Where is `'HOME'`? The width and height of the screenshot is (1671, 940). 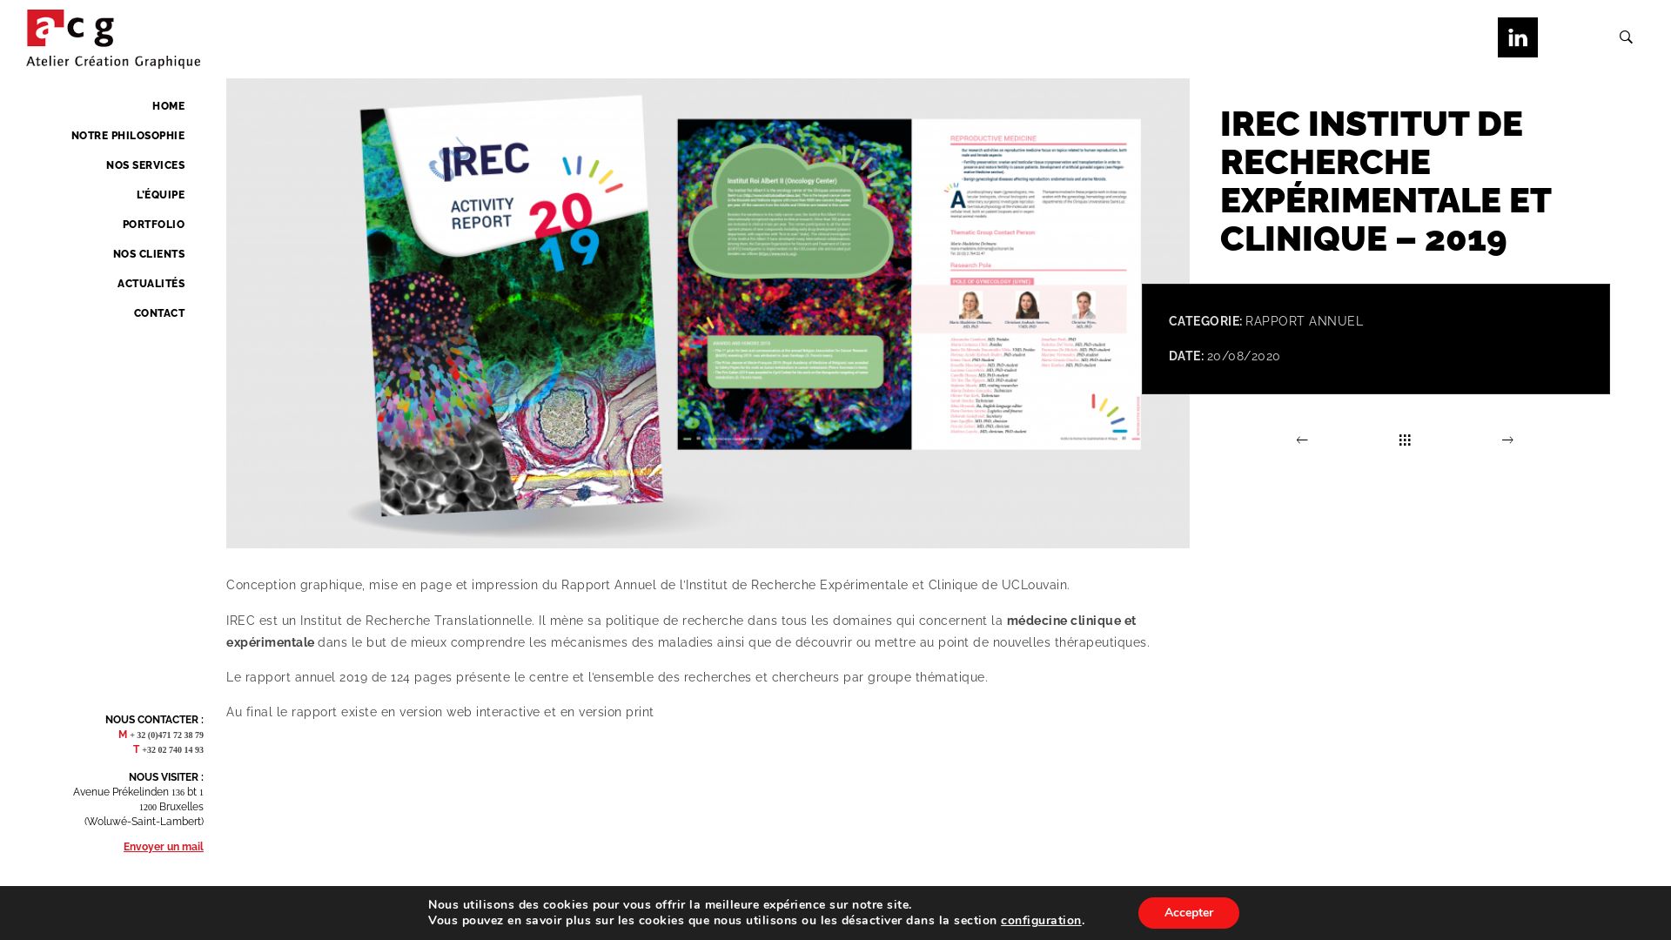 'HOME' is located at coordinates (168, 106).